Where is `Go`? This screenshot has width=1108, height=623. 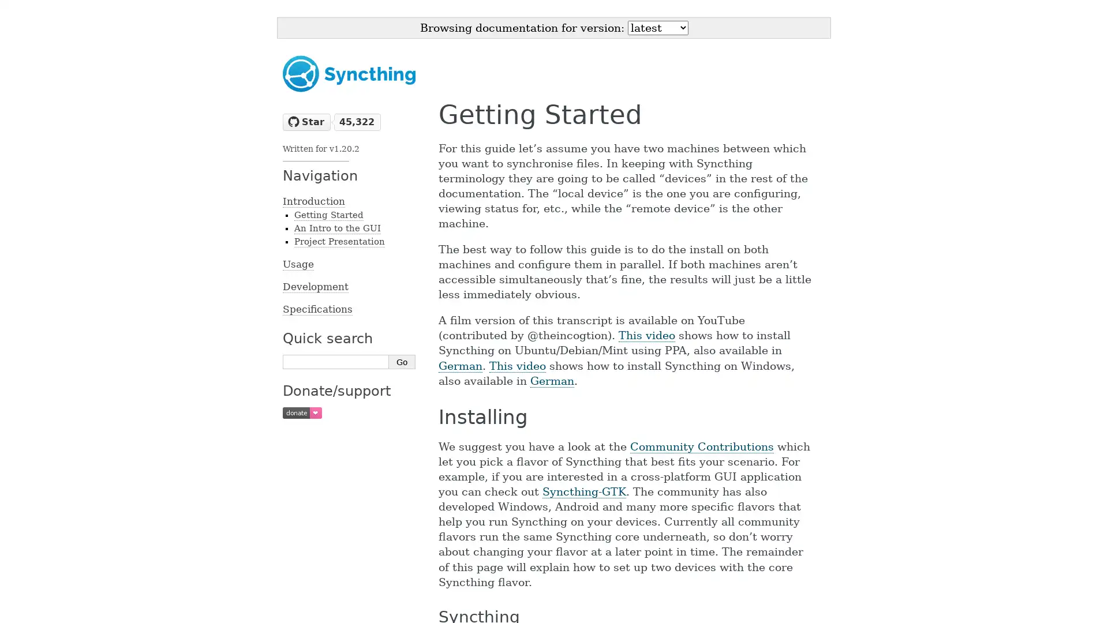 Go is located at coordinates (402, 361).